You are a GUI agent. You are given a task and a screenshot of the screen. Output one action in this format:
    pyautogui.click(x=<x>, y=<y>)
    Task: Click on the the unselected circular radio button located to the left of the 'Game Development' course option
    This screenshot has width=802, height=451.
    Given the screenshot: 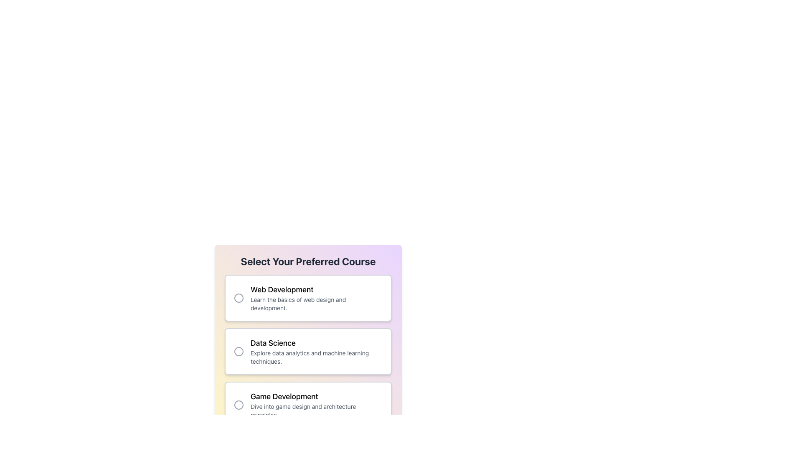 What is the action you would take?
    pyautogui.click(x=238, y=404)
    